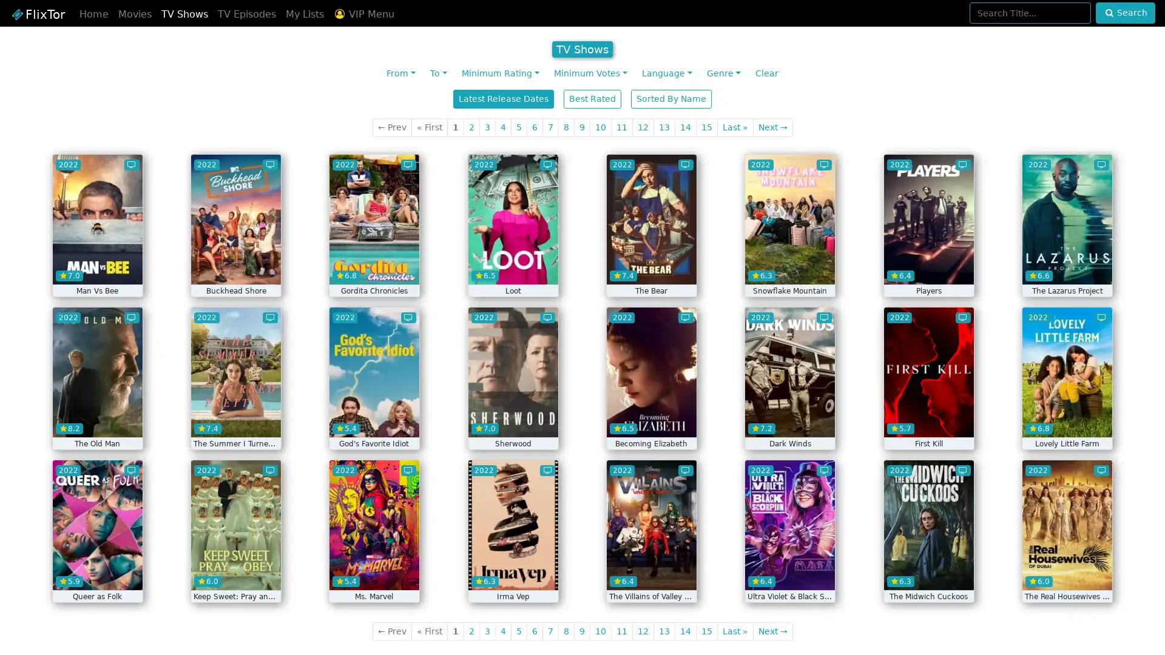 Image resolution: width=1165 pixels, height=655 pixels. I want to click on Sorted By Name, so click(670, 98).